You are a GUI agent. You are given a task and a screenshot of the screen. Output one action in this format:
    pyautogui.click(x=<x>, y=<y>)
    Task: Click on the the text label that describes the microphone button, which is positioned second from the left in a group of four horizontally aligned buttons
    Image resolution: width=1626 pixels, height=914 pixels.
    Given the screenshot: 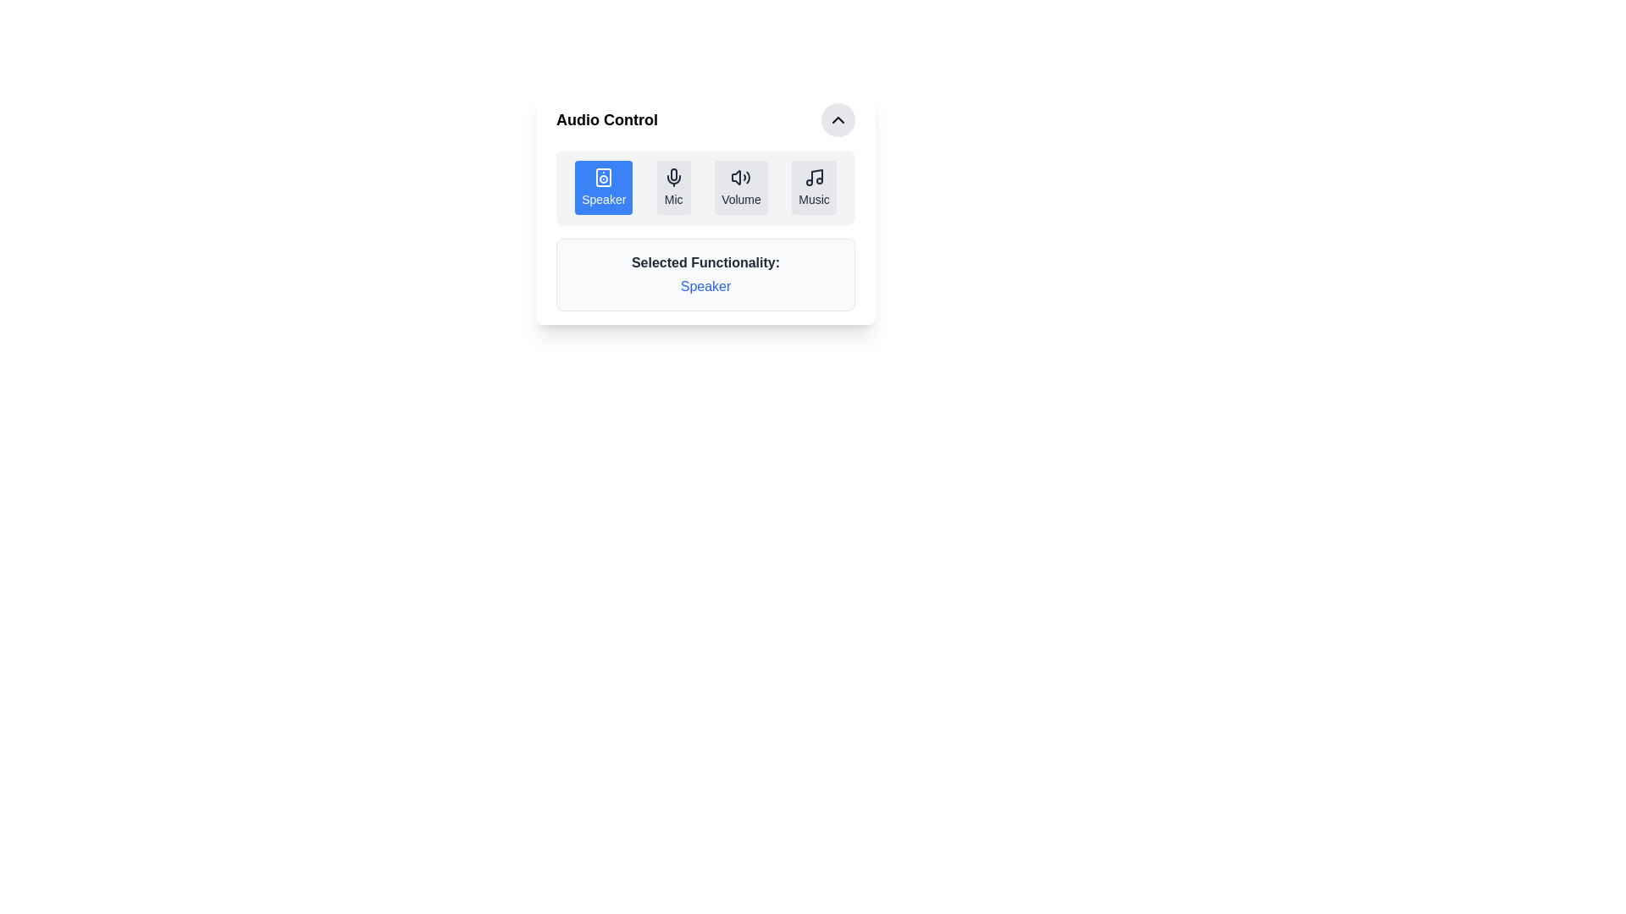 What is the action you would take?
    pyautogui.click(x=672, y=198)
    